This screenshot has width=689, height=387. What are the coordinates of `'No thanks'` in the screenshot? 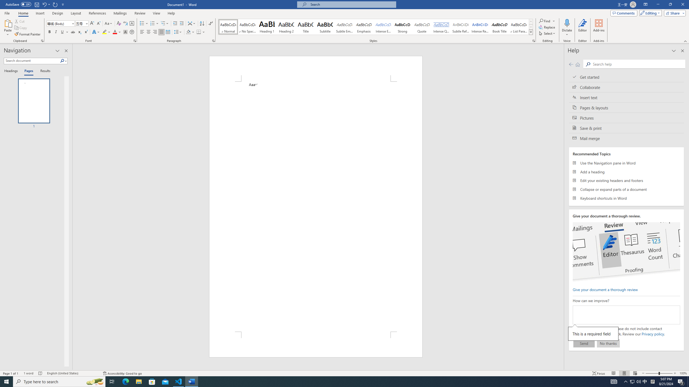 It's located at (608, 343).